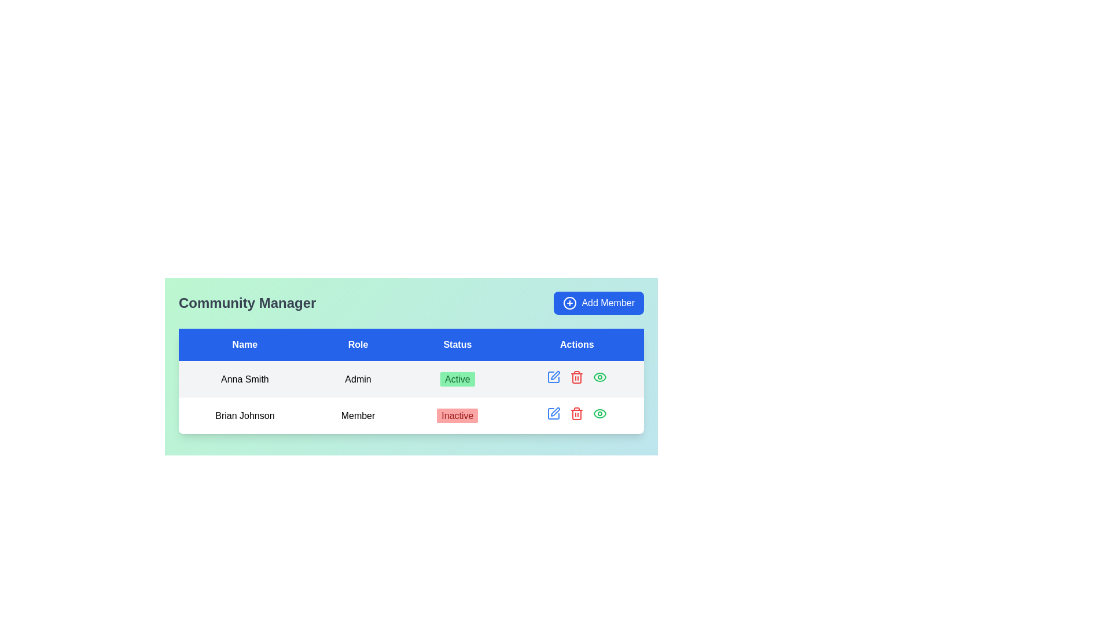 The width and height of the screenshot is (1111, 625). Describe the element at coordinates (553, 413) in the screenshot. I see `the edit icon located in the Actions column of the second row of the table` at that location.